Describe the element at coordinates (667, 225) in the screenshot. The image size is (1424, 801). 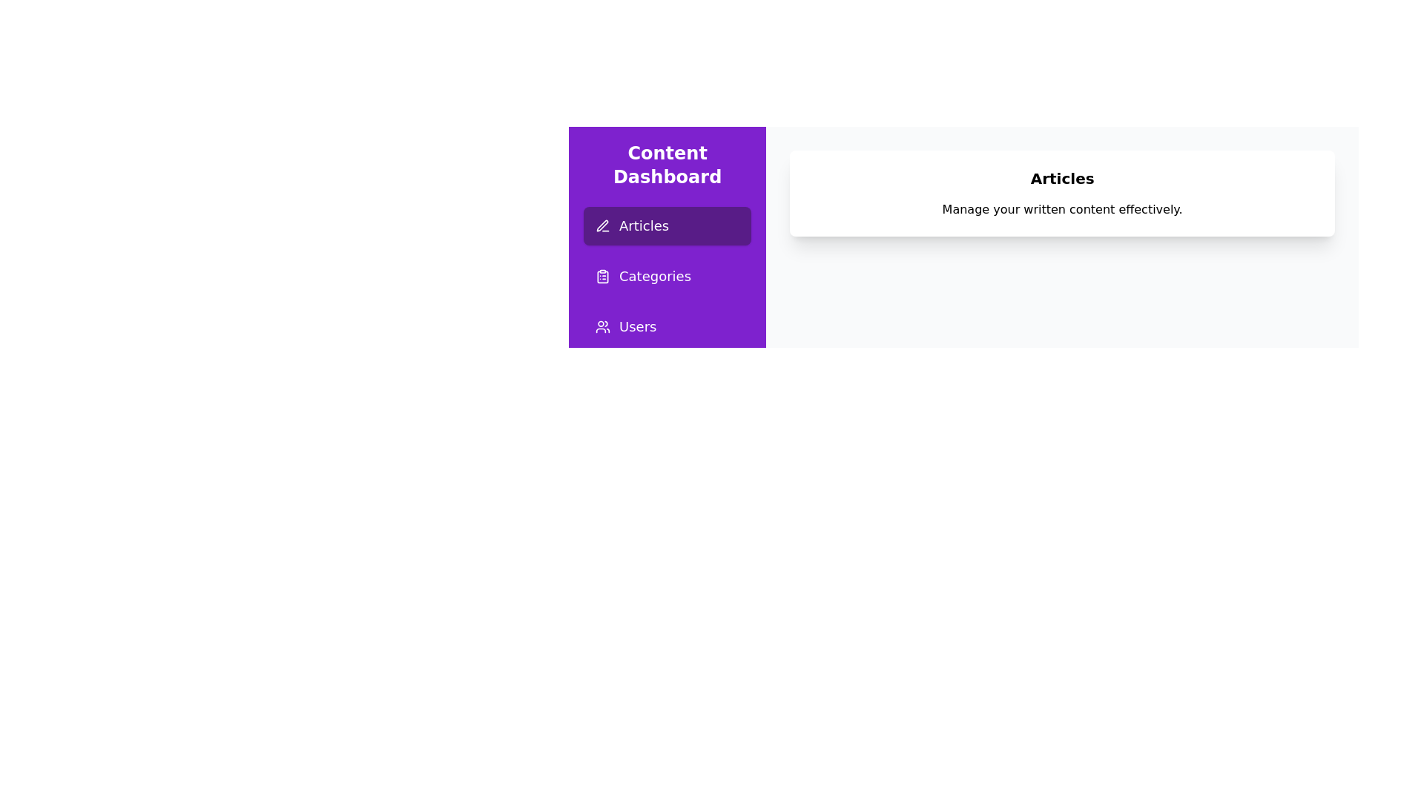
I see `the sidebar button for the page Articles` at that location.